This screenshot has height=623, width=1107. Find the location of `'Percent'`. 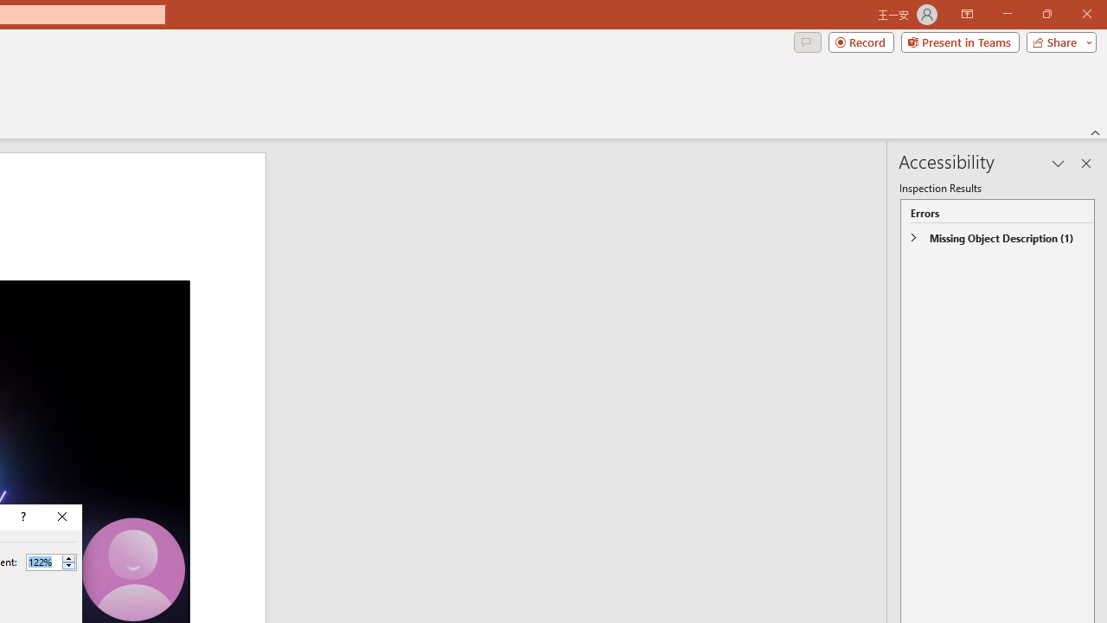

'Percent' is located at coordinates (51, 562).